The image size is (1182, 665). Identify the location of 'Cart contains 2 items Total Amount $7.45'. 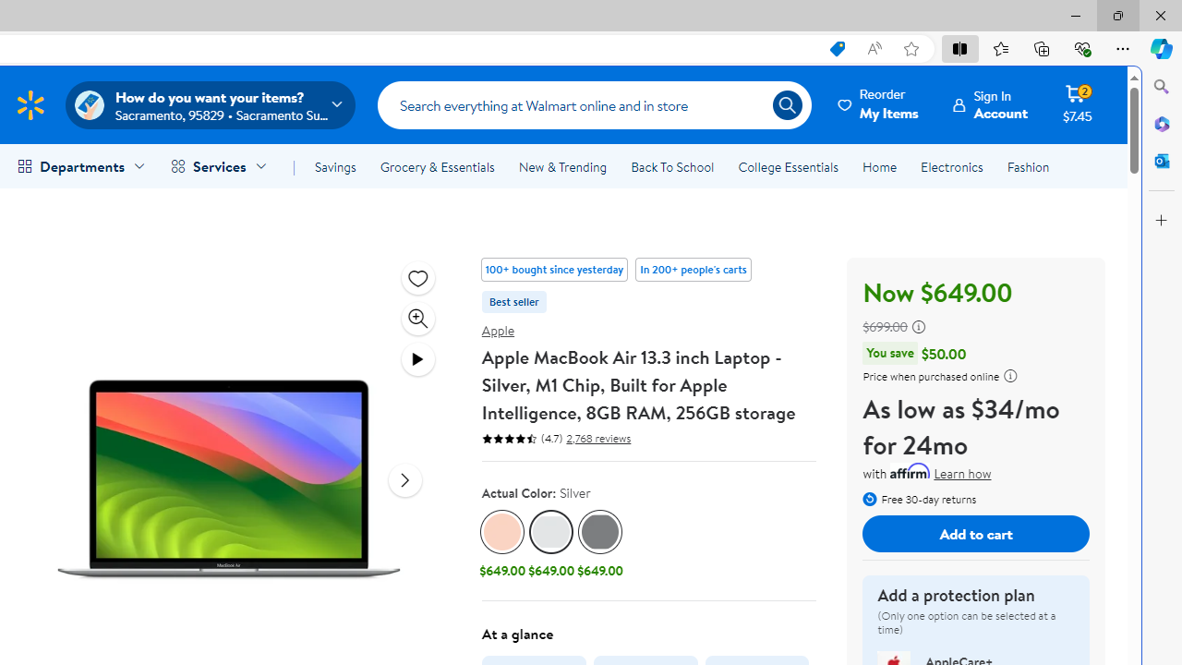
(1077, 104).